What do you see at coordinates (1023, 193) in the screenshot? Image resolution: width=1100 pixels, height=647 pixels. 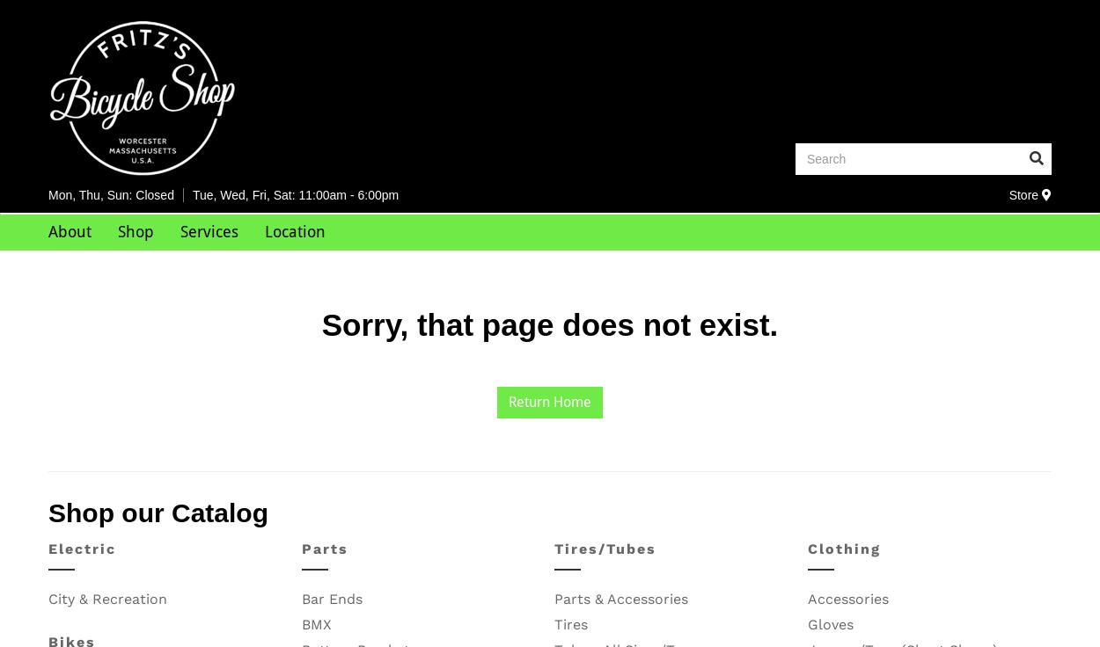 I see `'Store'` at bounding box center [1023, 193].